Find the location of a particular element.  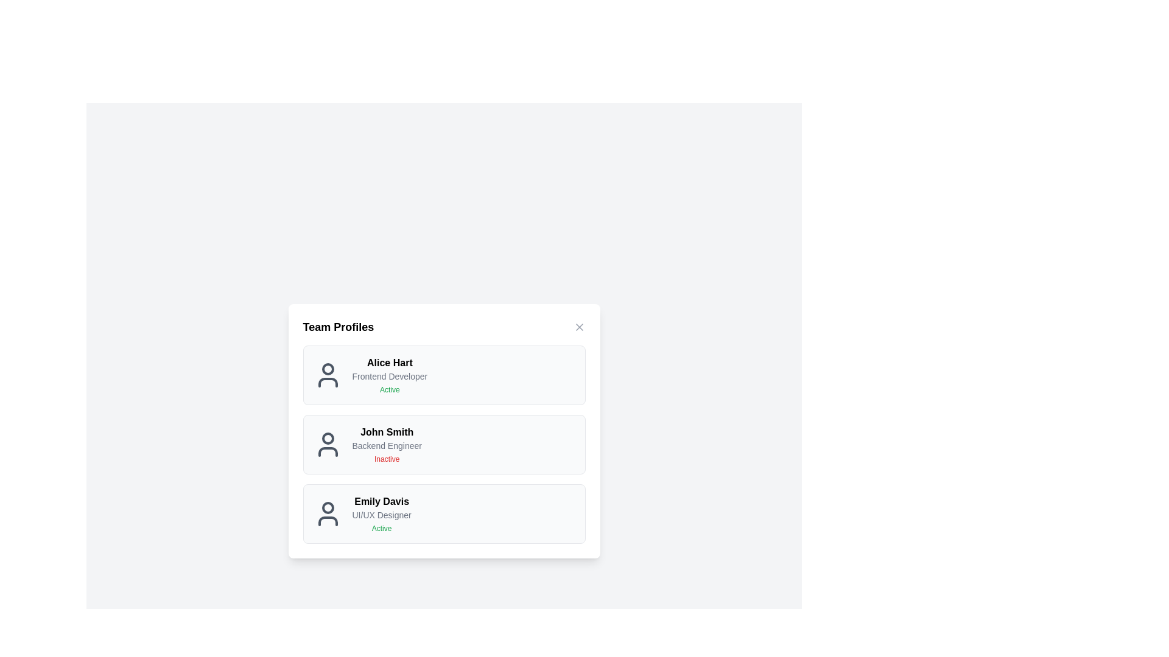

the user profile card of Alice Hart is located at coordinates (443, 375).